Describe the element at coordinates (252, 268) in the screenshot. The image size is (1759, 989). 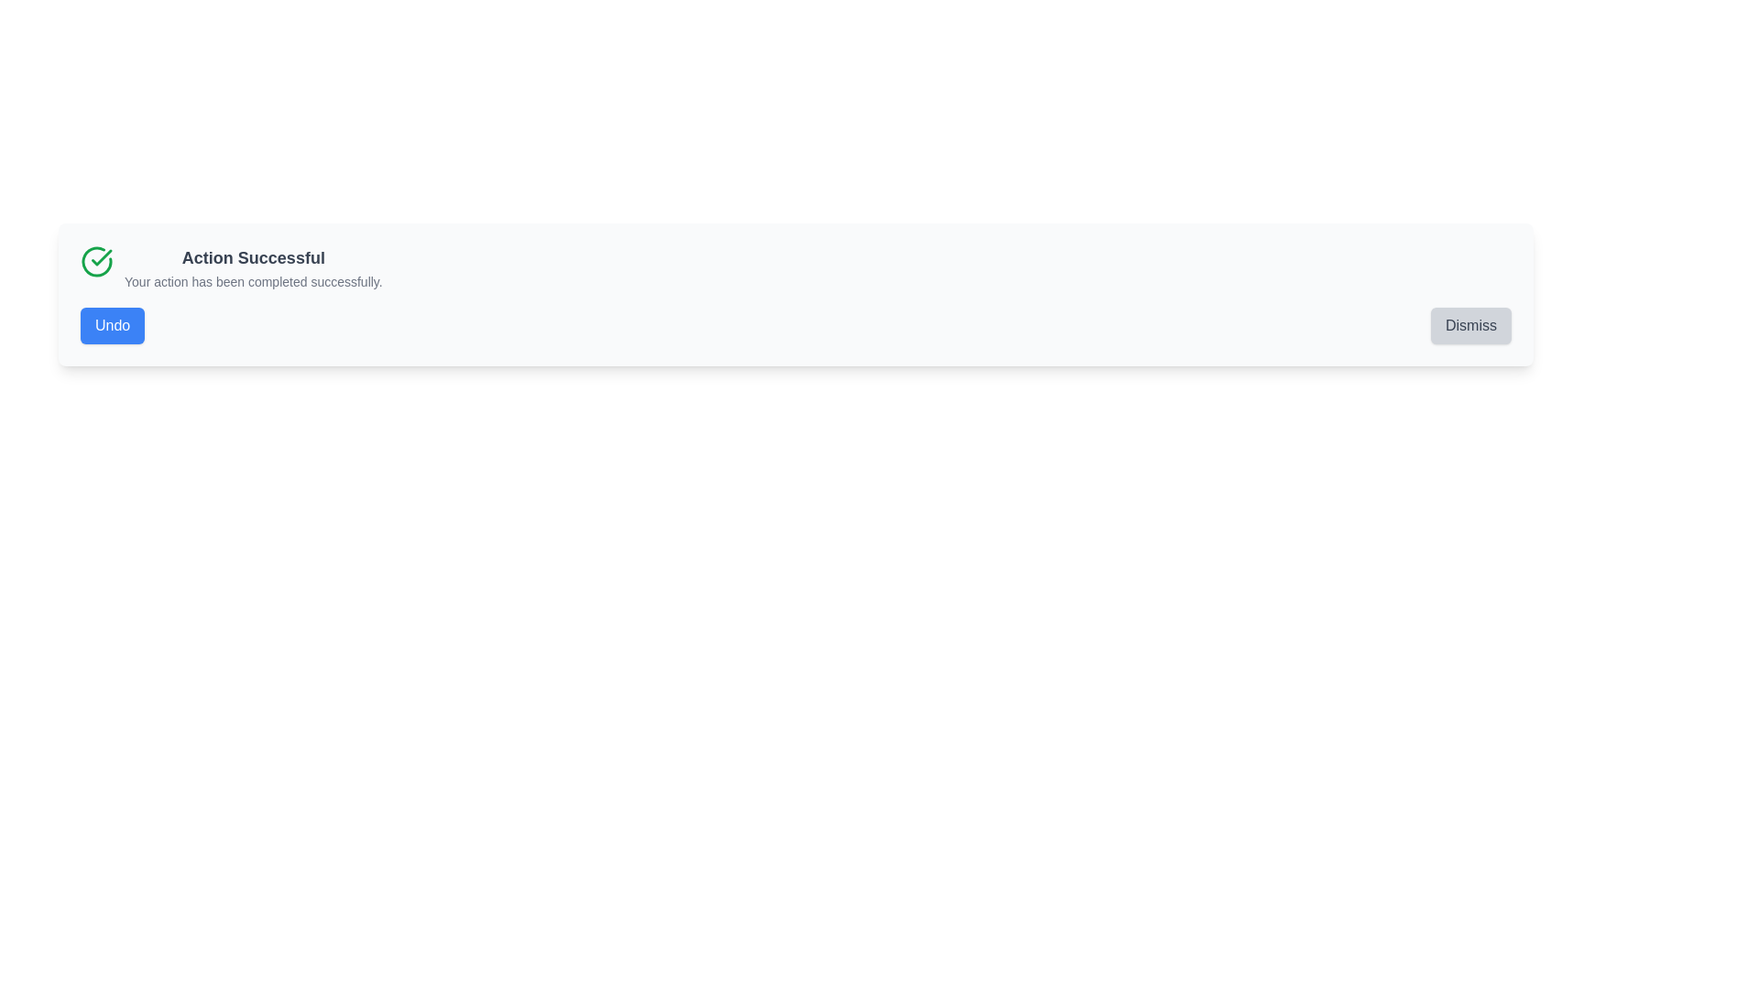
I see `text-based notification message displayed near the center left of the notification bar, positioned above the blue 'Undo' button and next to a green checkmark icon` at that location.